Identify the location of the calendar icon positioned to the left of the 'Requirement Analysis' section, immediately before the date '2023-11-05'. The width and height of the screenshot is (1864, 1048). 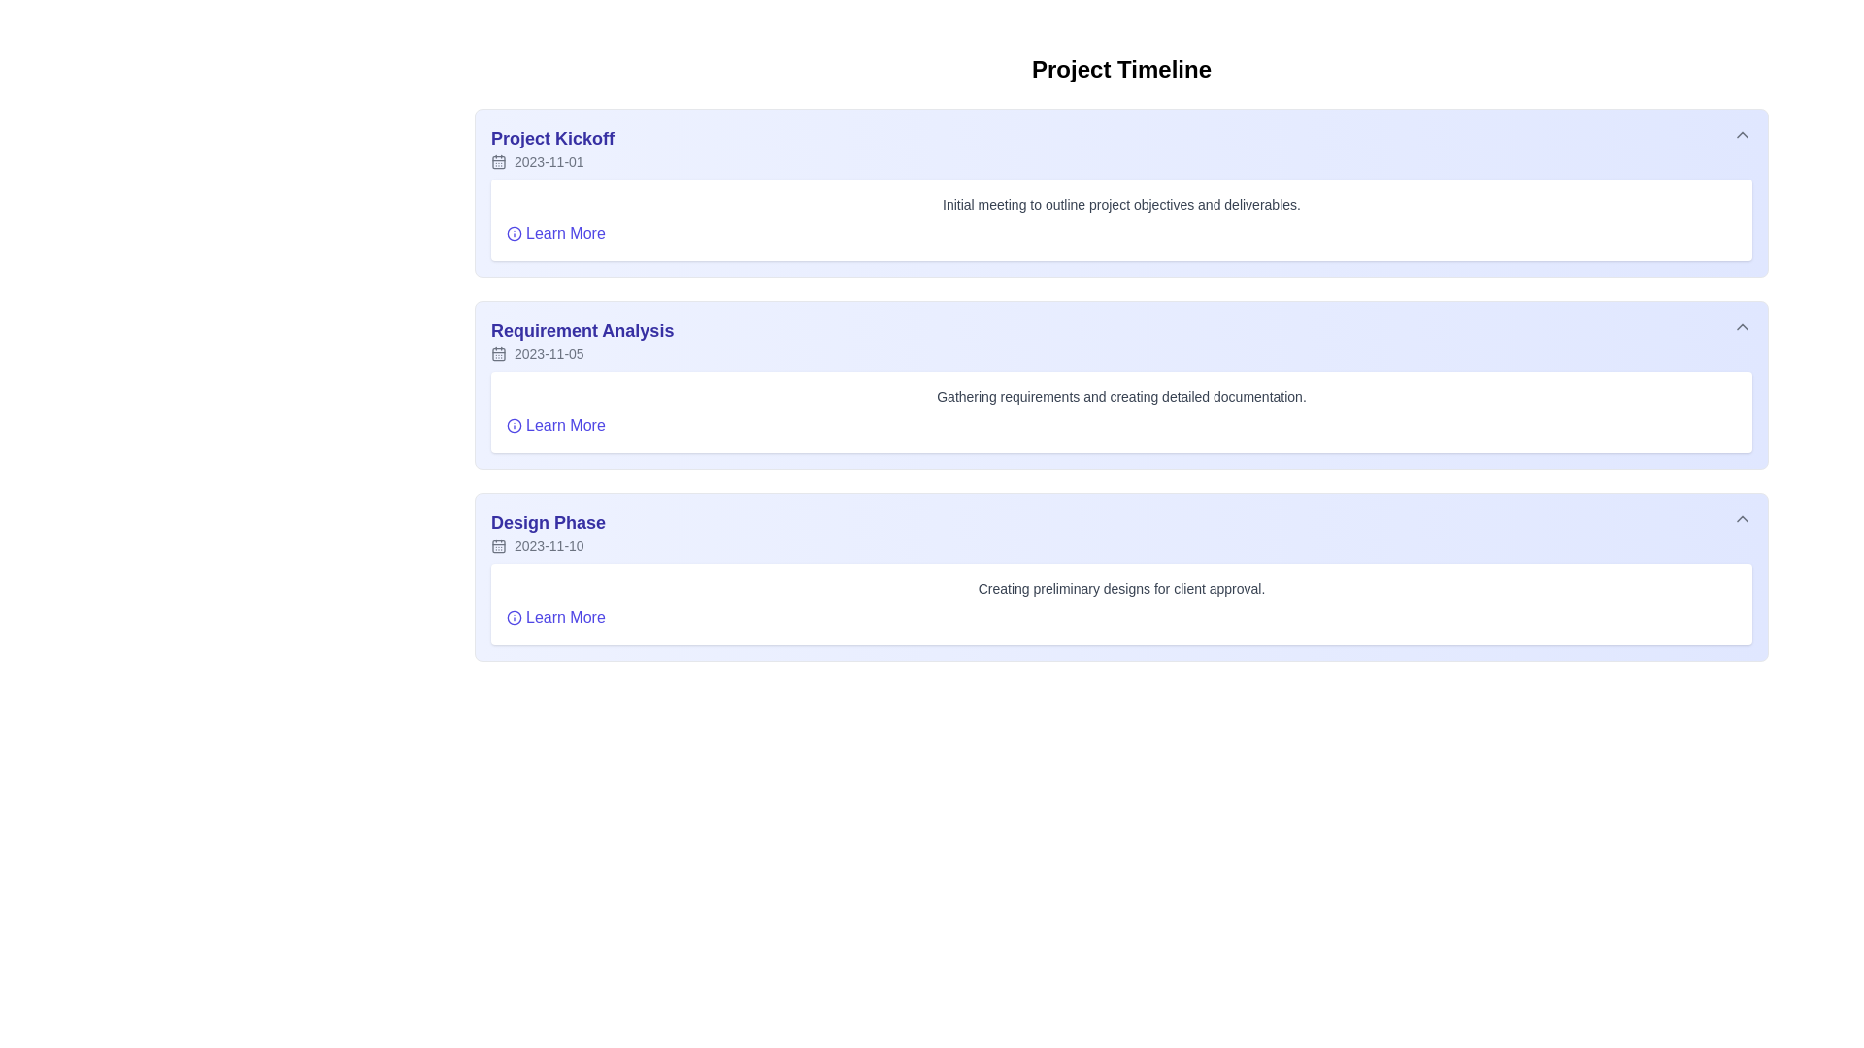
(498, 354).